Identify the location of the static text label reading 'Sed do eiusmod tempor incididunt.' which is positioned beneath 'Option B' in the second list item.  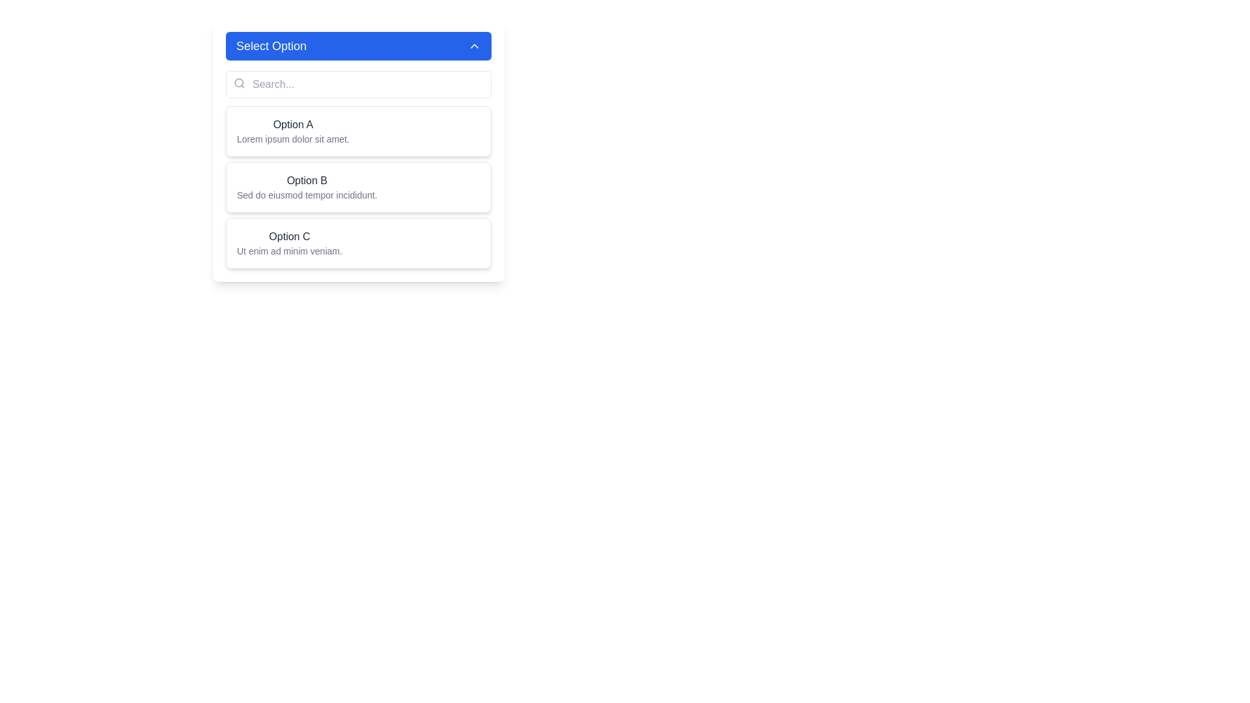
(306, 195).